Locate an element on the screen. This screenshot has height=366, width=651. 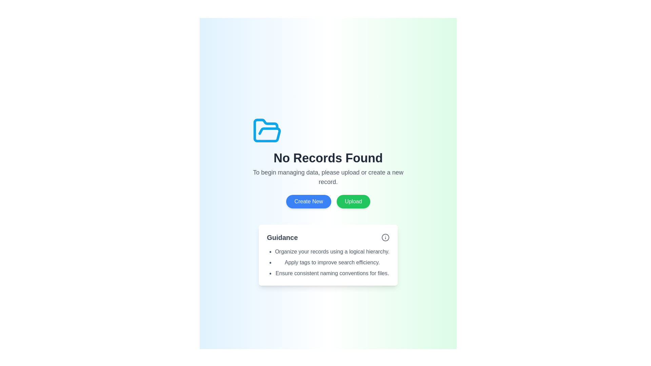
the informational icon component located in the top-right corner of the 'Guidance' section to trigger the tooltip for additional information is located at coordinates (385, 237).